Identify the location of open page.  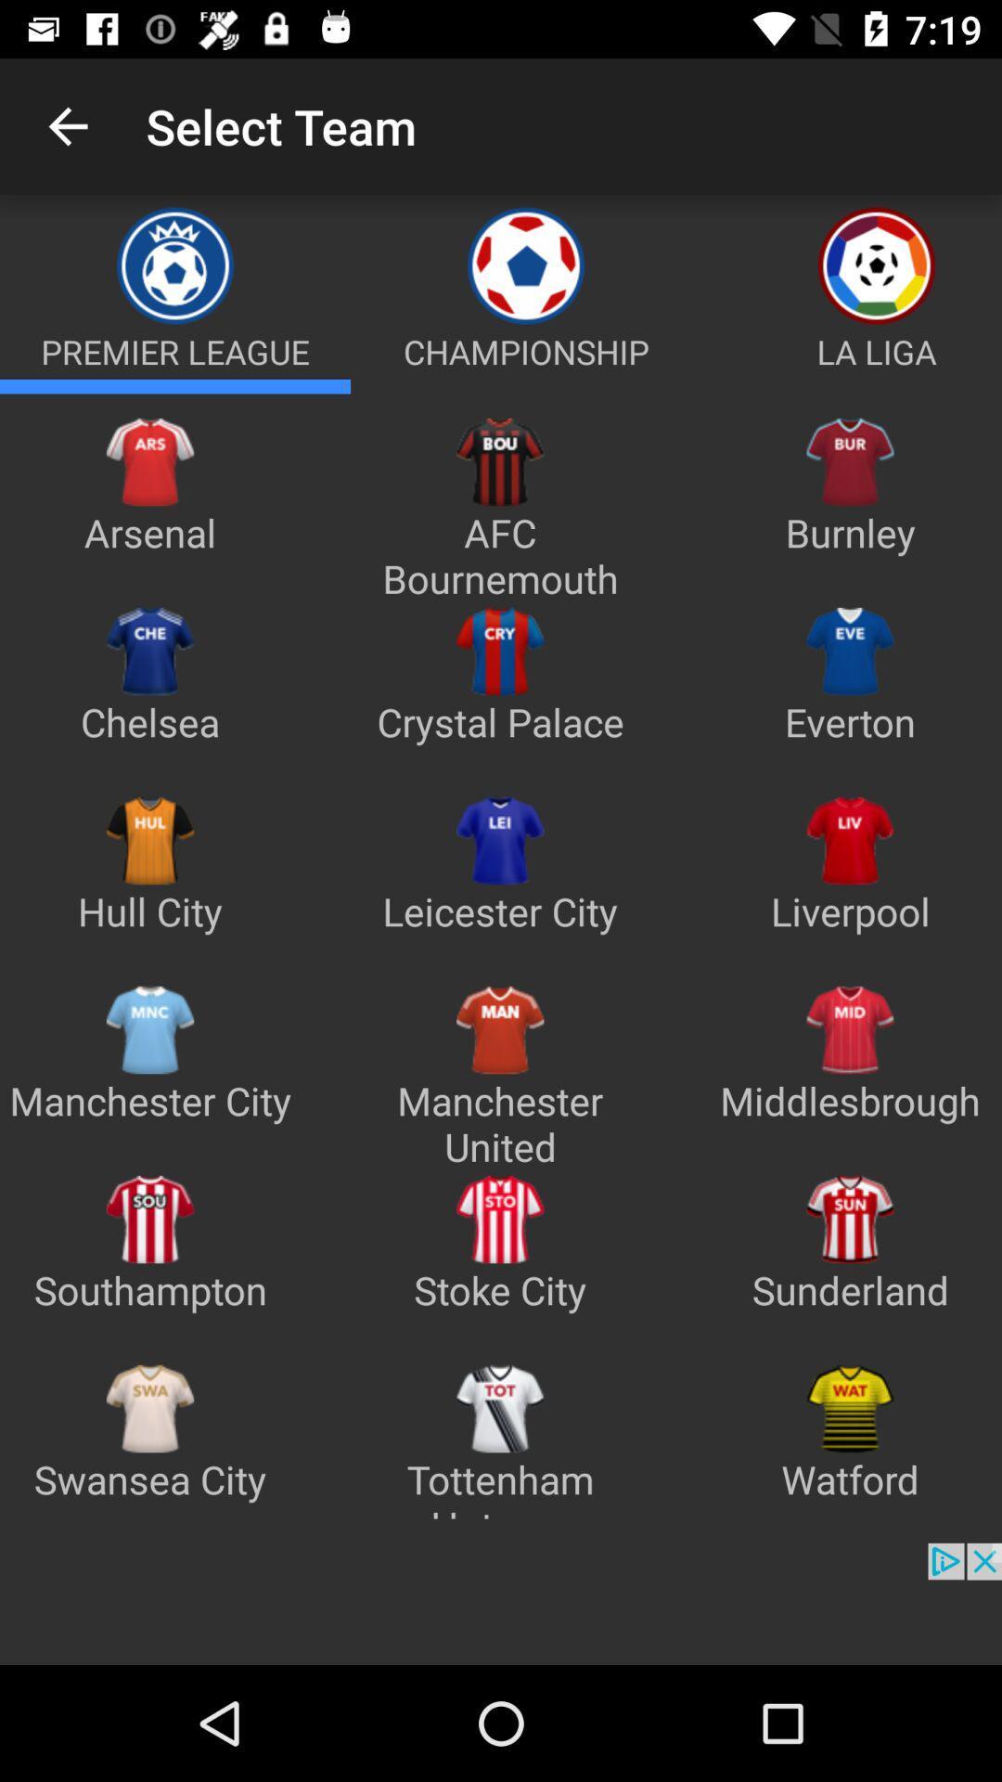
(175, 385).